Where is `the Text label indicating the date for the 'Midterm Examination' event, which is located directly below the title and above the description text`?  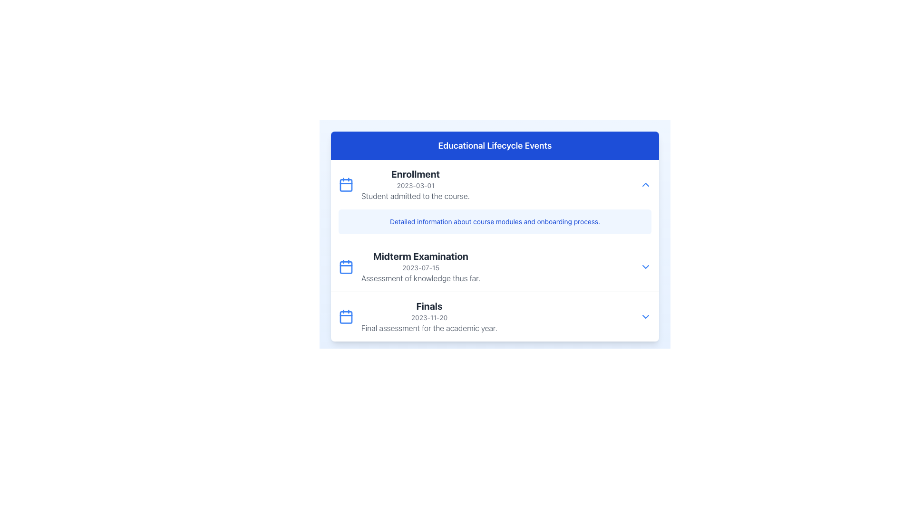
the Text label indicating the date for the 'Midterm Examination' event, which is located directly below the title and above the description text is located at coordinates (420, 267).